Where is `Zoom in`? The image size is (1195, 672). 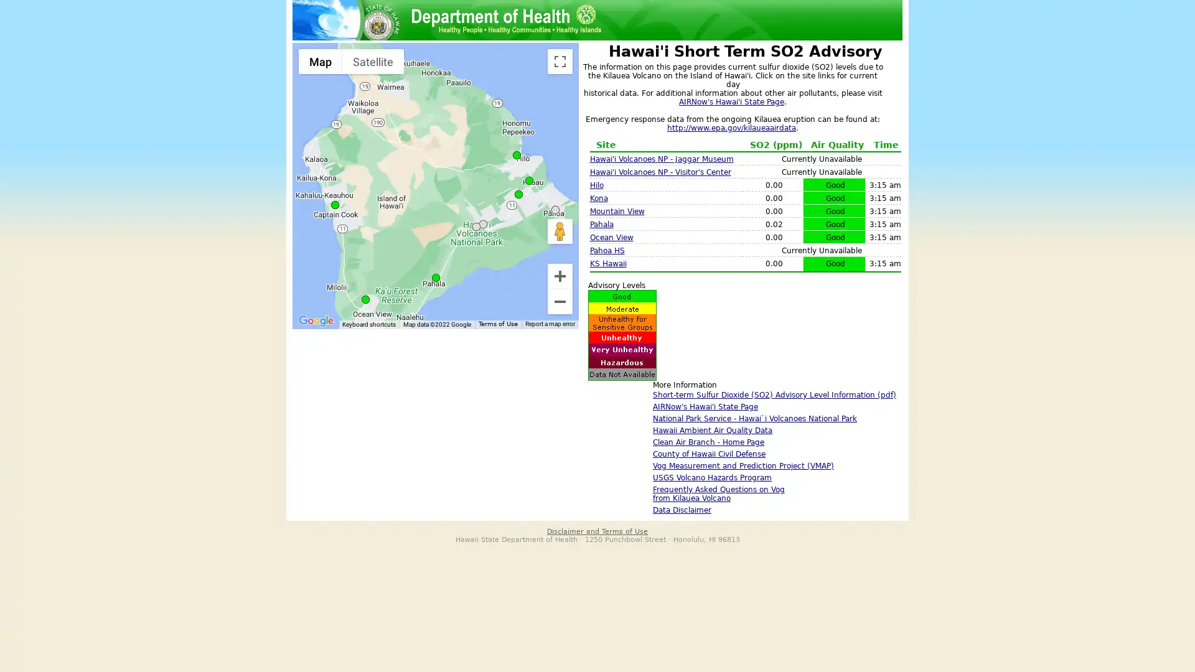
Zoom in is located at coordinates (560, 275).